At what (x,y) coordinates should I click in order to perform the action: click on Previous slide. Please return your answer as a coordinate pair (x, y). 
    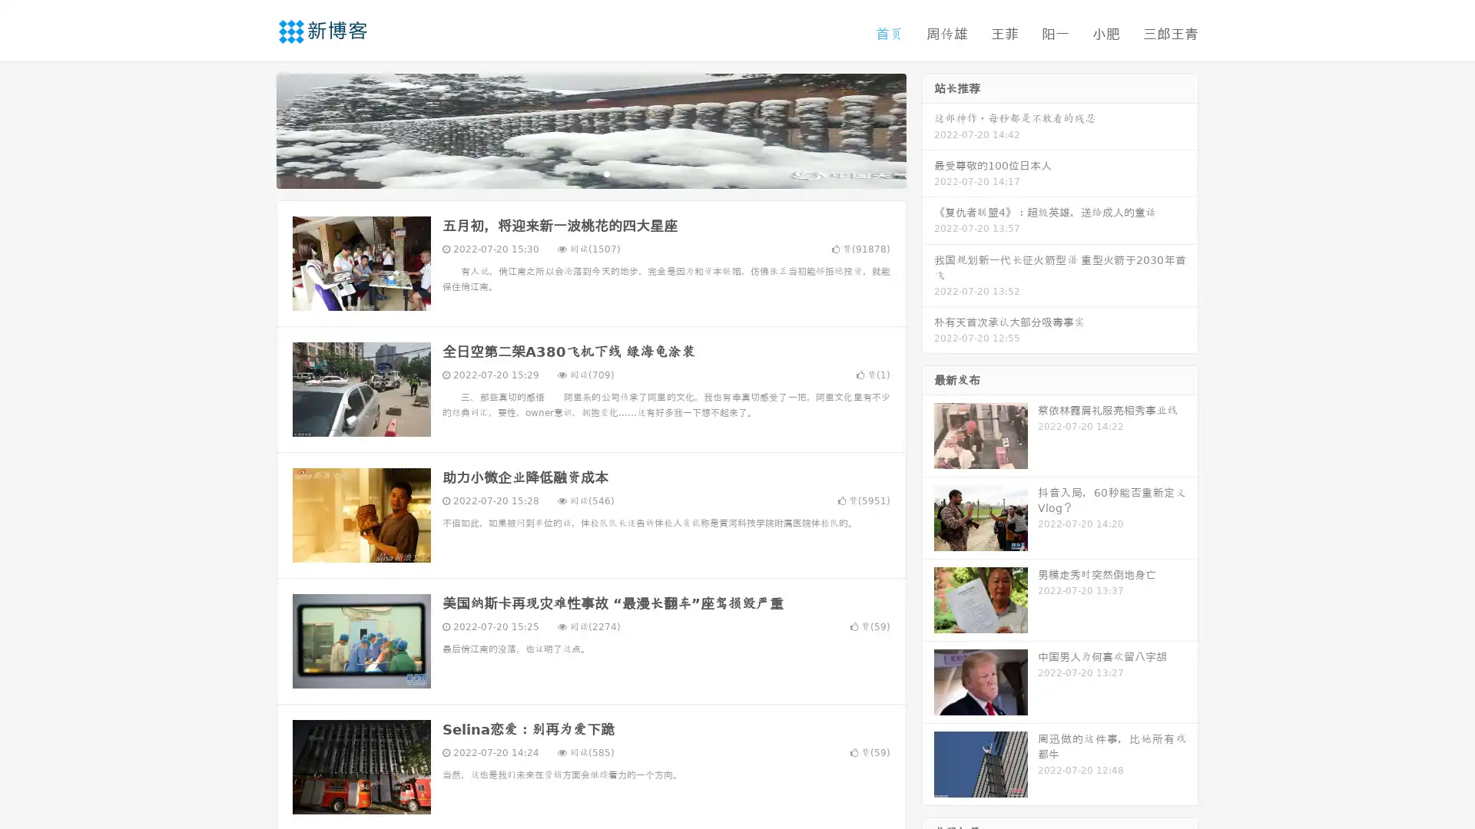
    Looking at the image, I should click on (254, 129).